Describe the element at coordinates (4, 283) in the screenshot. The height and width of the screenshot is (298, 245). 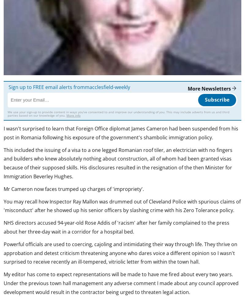
I see `'My editor has come to expect representations will be made to have me fired about every two years. Under the previous town hall management any adverse comment I made about any council approved development would result in the contractor being urged to threaten legal action.'` at that location.